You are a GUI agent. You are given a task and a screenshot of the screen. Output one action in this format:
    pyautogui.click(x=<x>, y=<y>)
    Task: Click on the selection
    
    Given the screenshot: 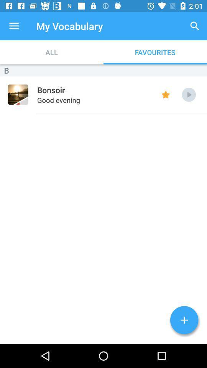 What is the action you would take?
    pyautogui.click(x=188, y=94)
    